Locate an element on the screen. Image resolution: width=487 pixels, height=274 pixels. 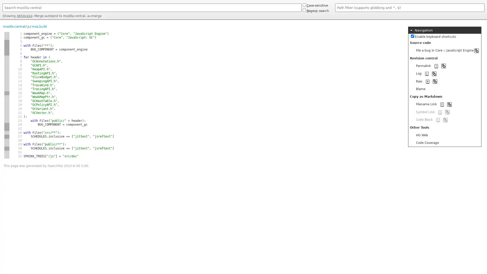
Copy to clipboard is located at coordinates (443, 65).